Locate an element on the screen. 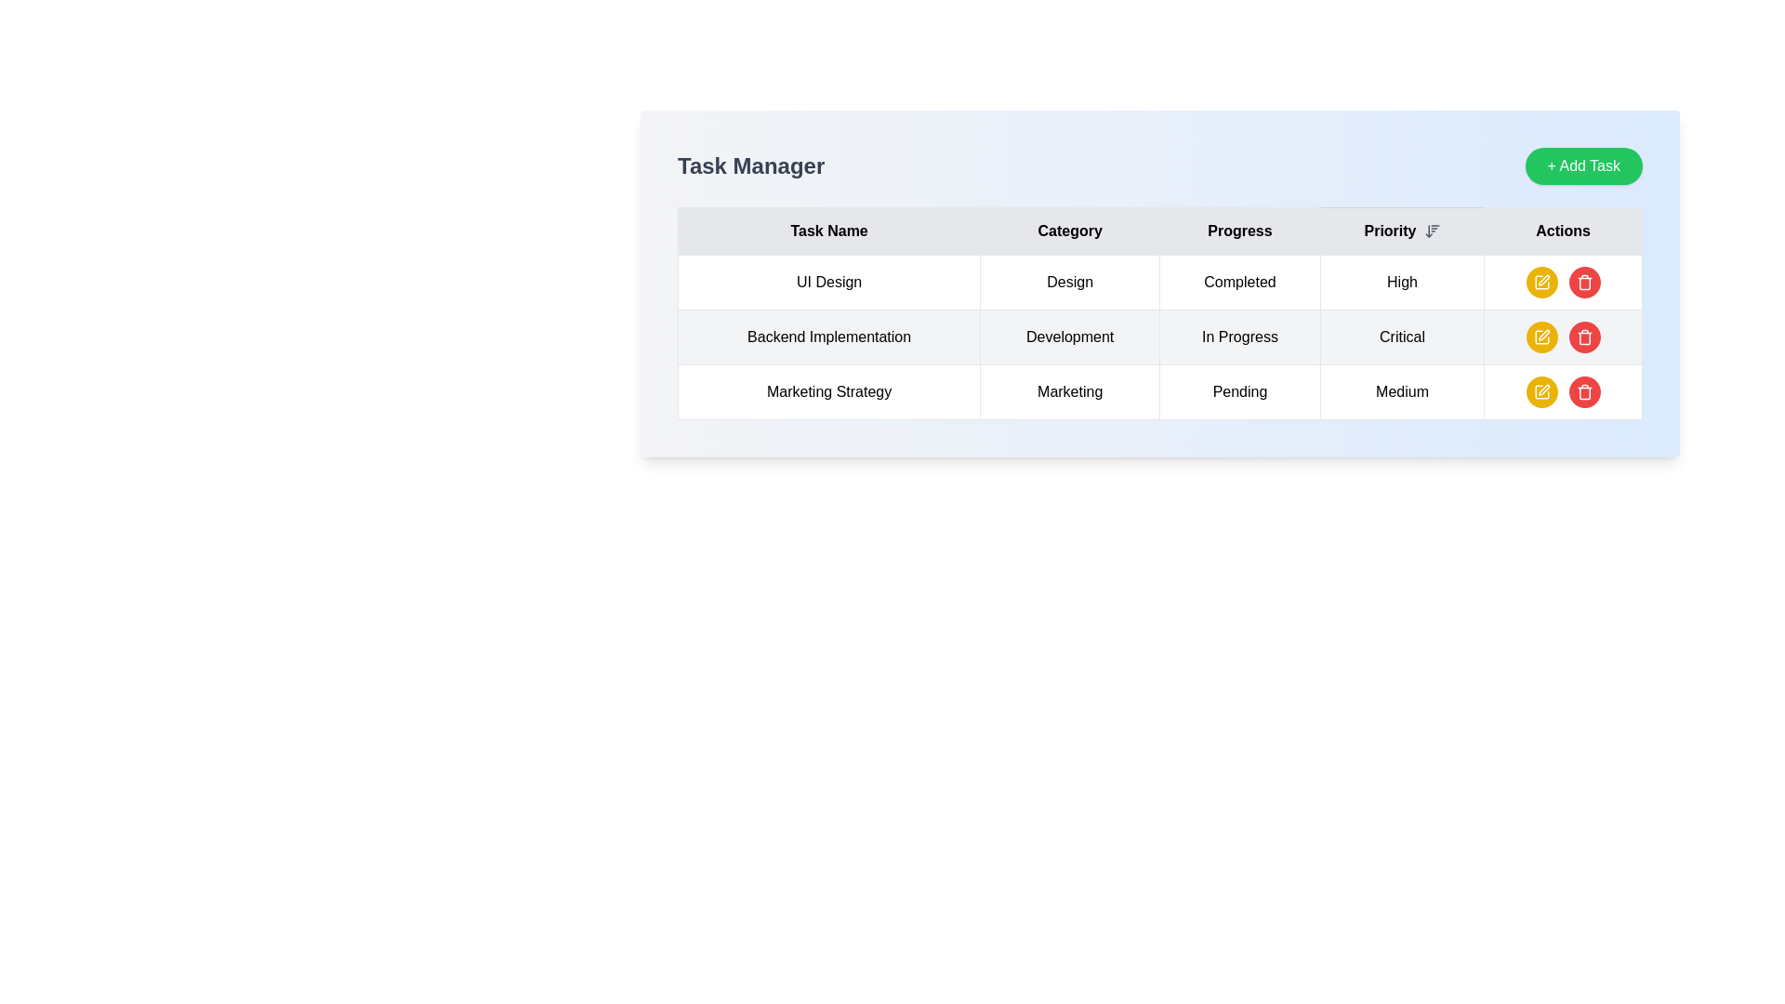  the pencil-shaped icon in the Actions column of the task table is located at coordinates (1543, 333).